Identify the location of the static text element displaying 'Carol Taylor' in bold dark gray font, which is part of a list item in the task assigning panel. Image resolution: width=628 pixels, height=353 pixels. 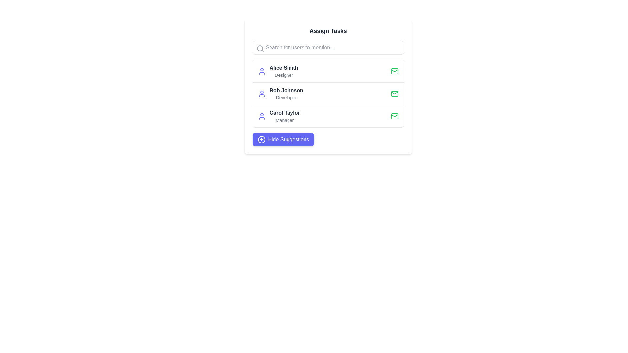
(285, 113).